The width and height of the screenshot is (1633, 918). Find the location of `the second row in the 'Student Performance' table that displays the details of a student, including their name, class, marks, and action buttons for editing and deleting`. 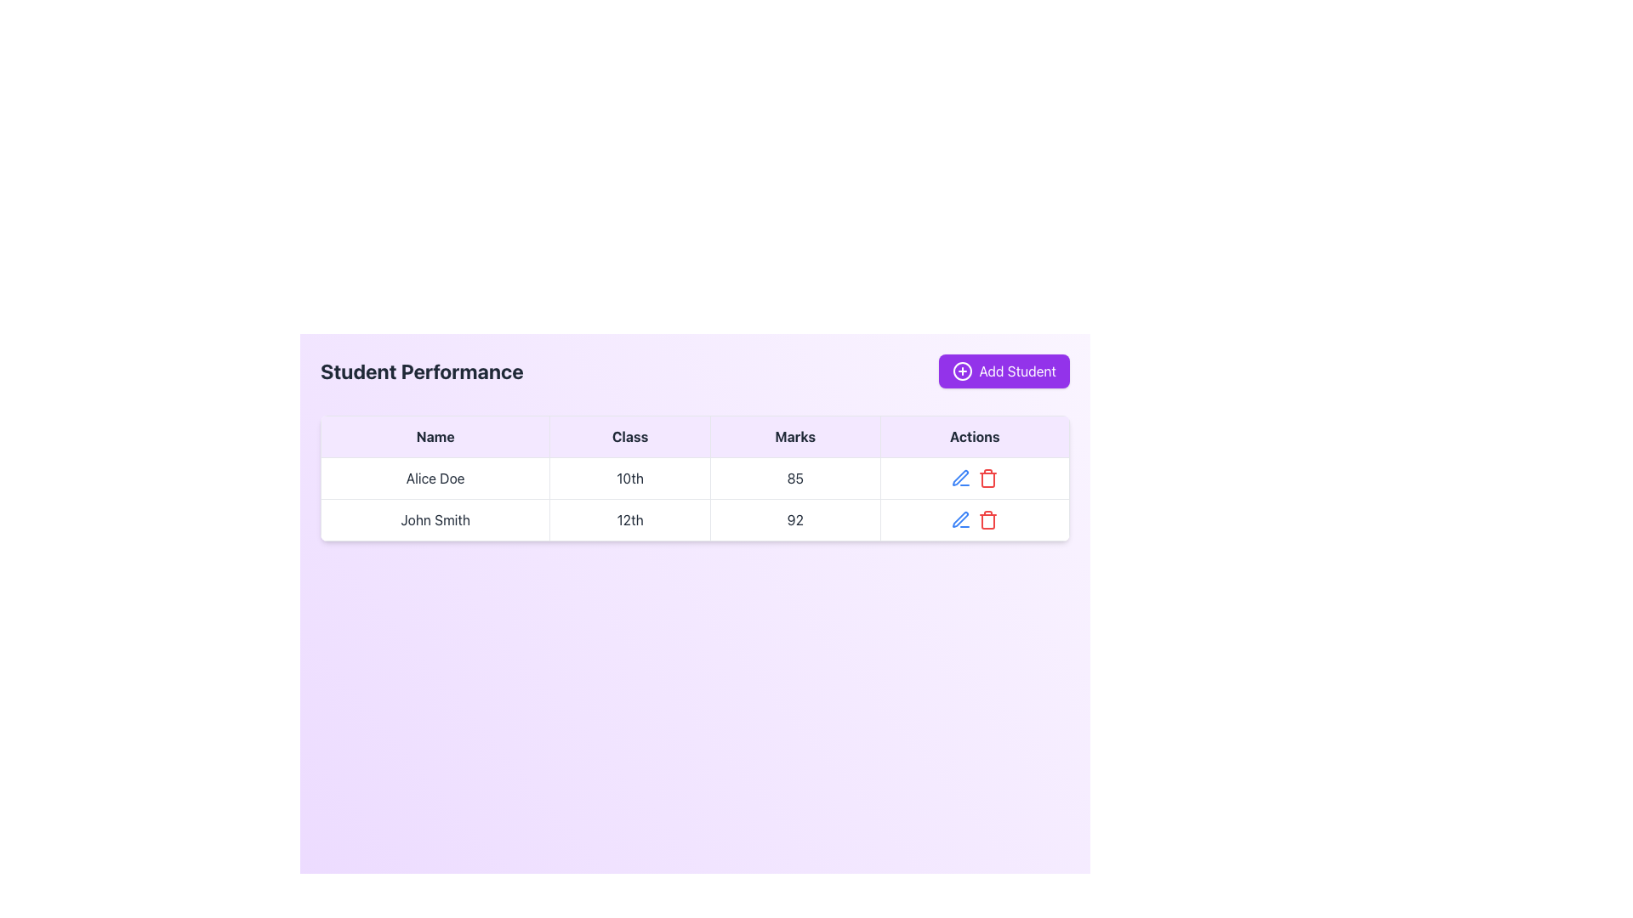

the second row in the 'Student Performance' table that displays the details of a student, including their name, class, marks, and action buttons for editing and deleting is located at coordinates (695, 519).